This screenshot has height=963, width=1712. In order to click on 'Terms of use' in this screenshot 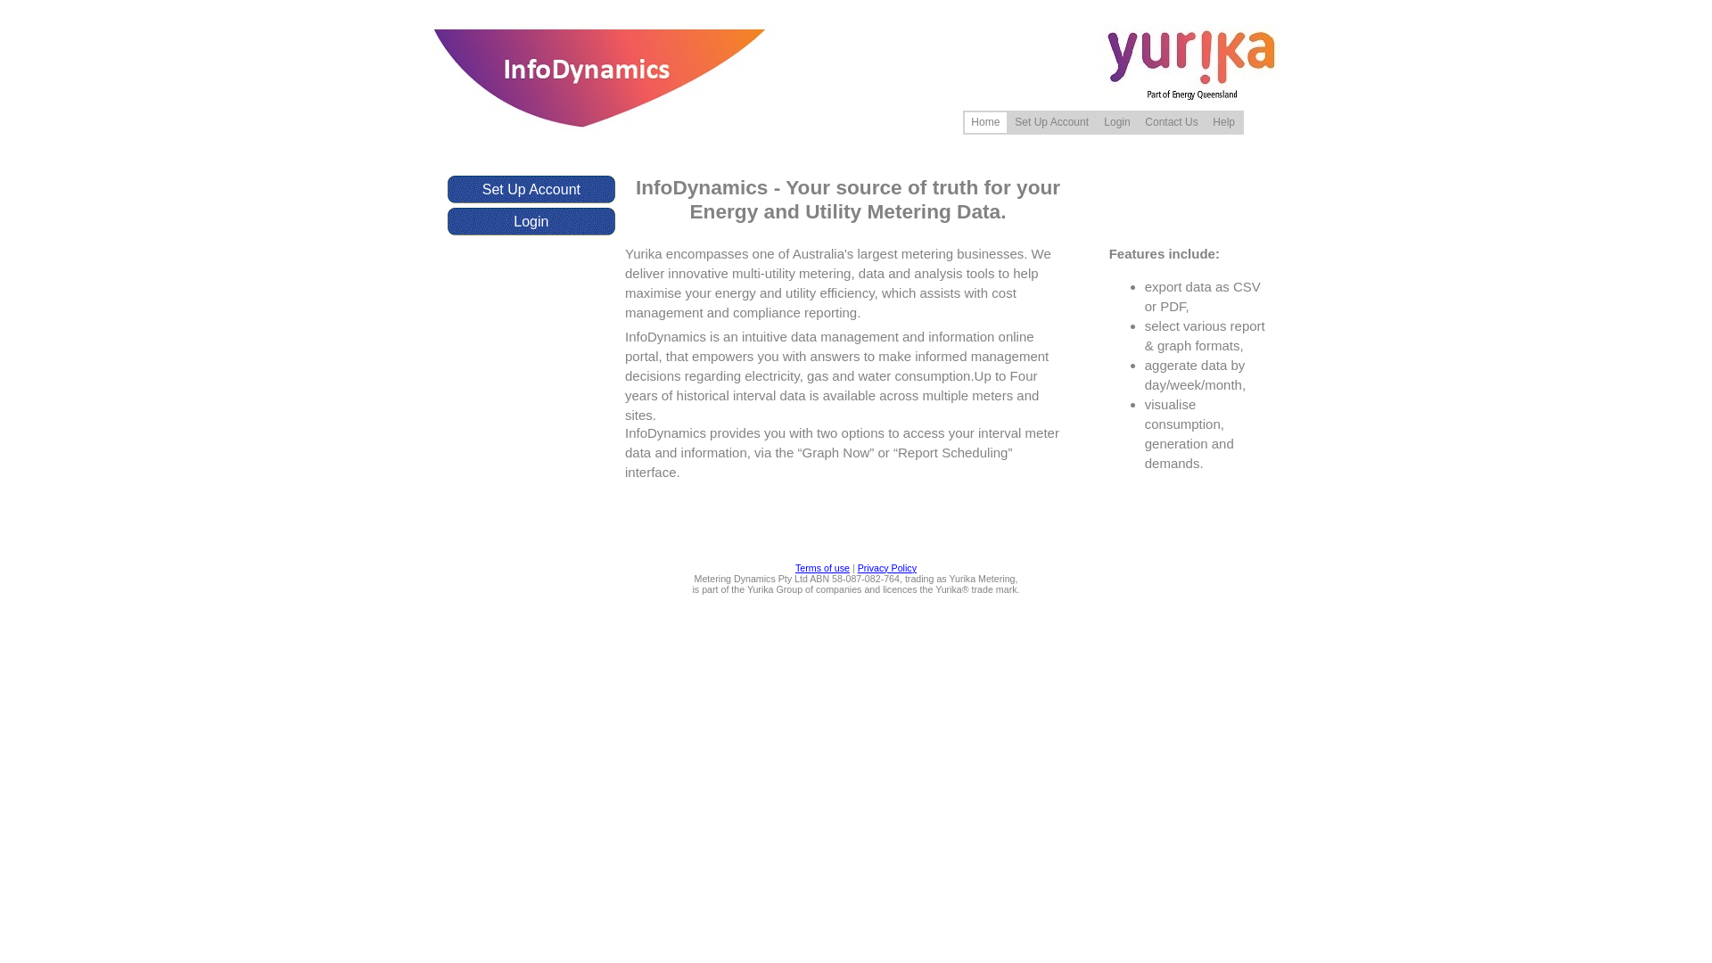, I will do `click(821, 567)`.